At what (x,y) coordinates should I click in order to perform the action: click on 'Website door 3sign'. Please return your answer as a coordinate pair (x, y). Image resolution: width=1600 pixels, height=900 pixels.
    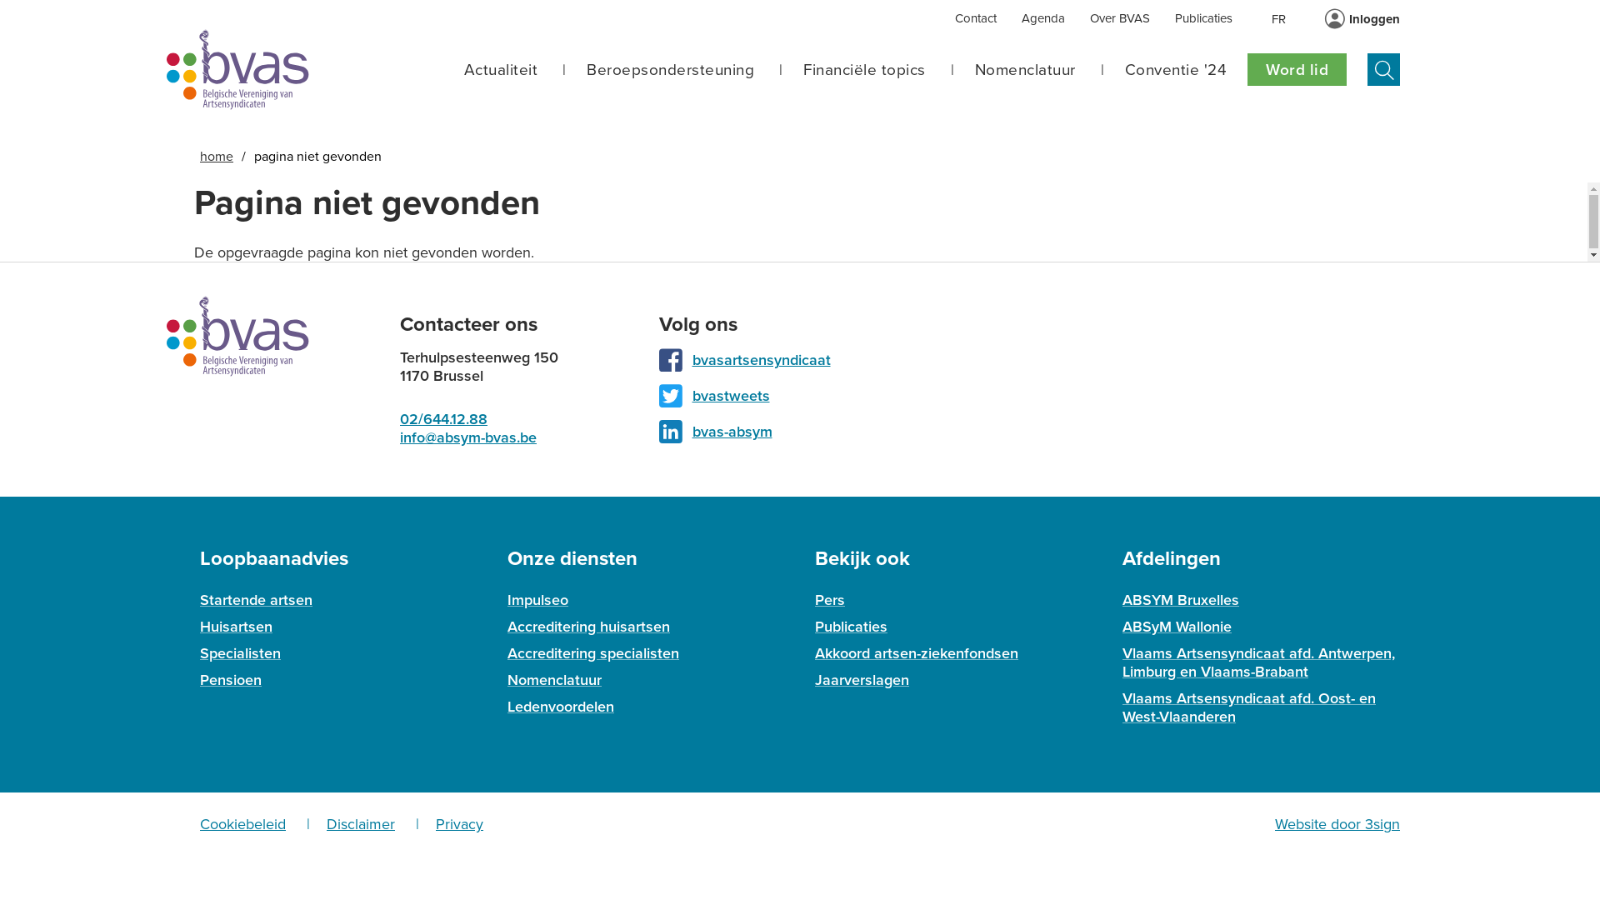
    Looking at the image, I should click on (1337, 822).